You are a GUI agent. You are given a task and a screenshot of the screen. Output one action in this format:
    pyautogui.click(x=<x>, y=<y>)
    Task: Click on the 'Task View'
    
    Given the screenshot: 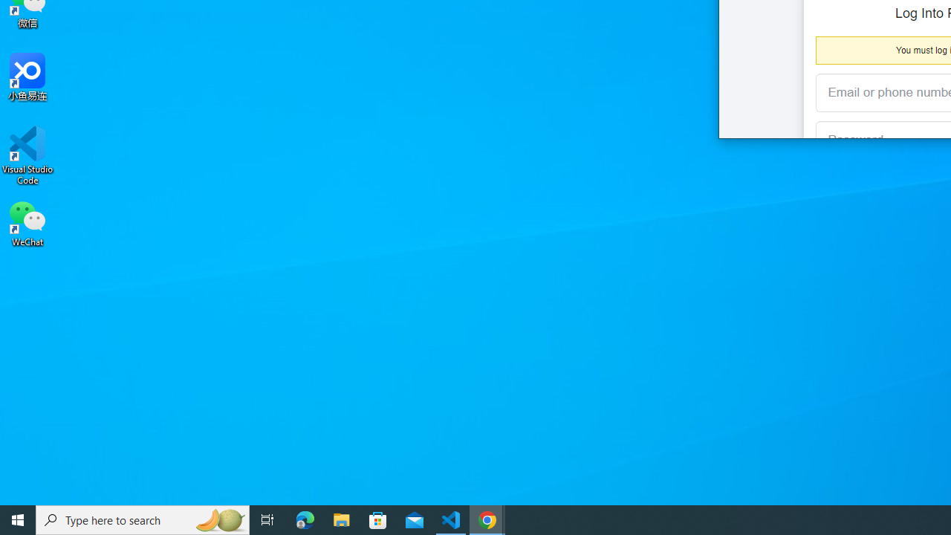 What is the action you would take?
    pyautogui.click(x=267, y=519)
    